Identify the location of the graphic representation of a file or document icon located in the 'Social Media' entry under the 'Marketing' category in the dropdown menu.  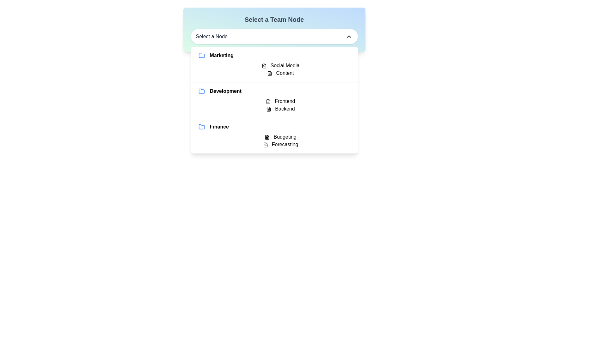
(264, 66).